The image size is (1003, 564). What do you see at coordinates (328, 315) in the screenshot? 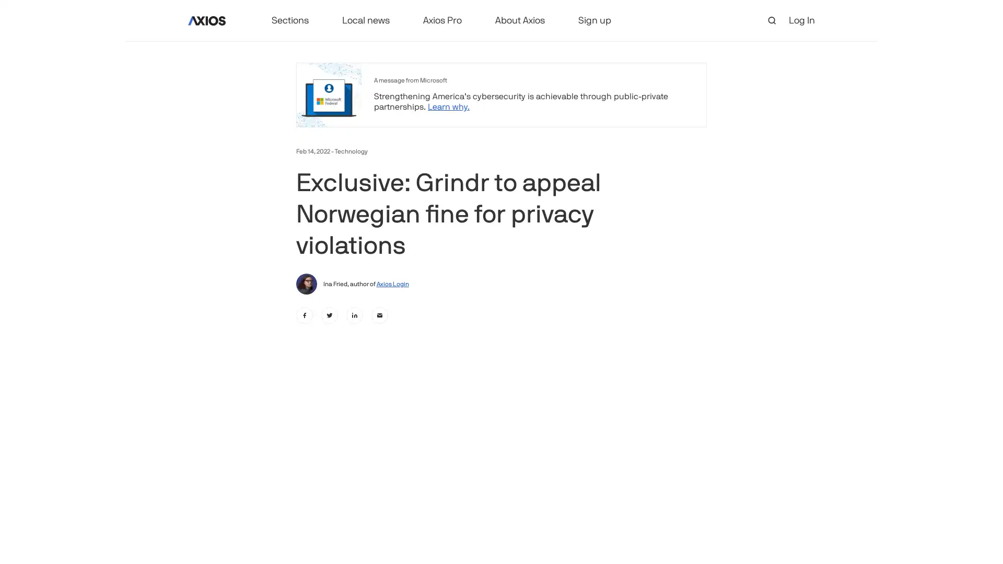
I see `twitter` at bounding box center [328, 315].